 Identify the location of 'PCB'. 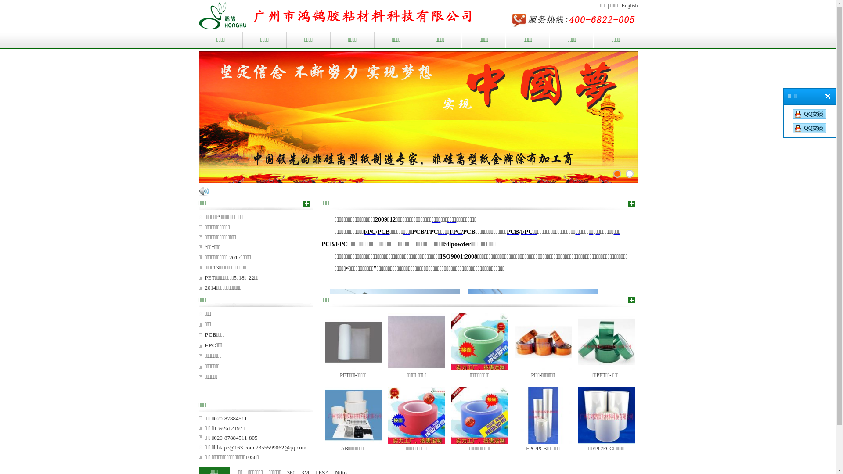
(512, 231).